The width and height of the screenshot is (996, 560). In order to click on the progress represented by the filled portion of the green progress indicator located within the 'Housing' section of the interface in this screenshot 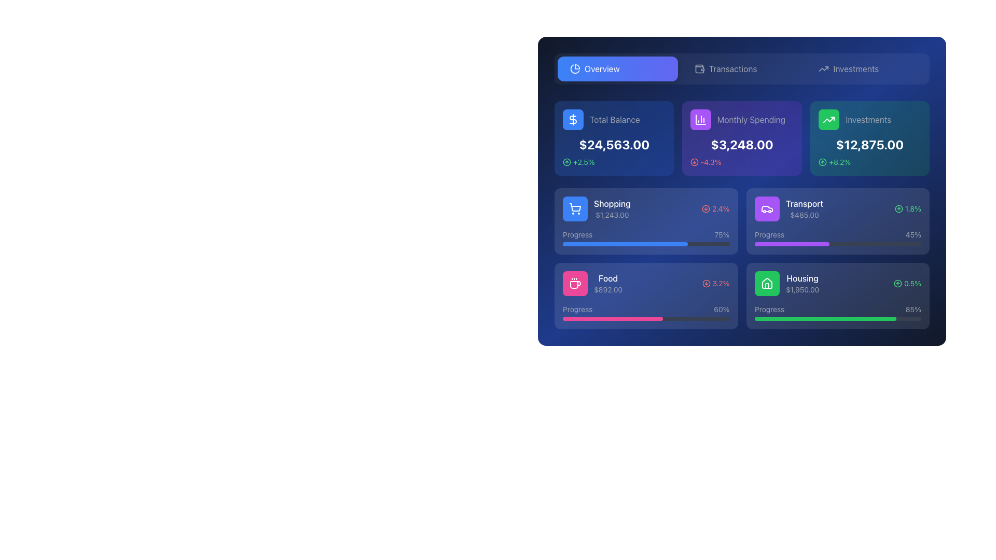, I will do `click(825, 318)`.